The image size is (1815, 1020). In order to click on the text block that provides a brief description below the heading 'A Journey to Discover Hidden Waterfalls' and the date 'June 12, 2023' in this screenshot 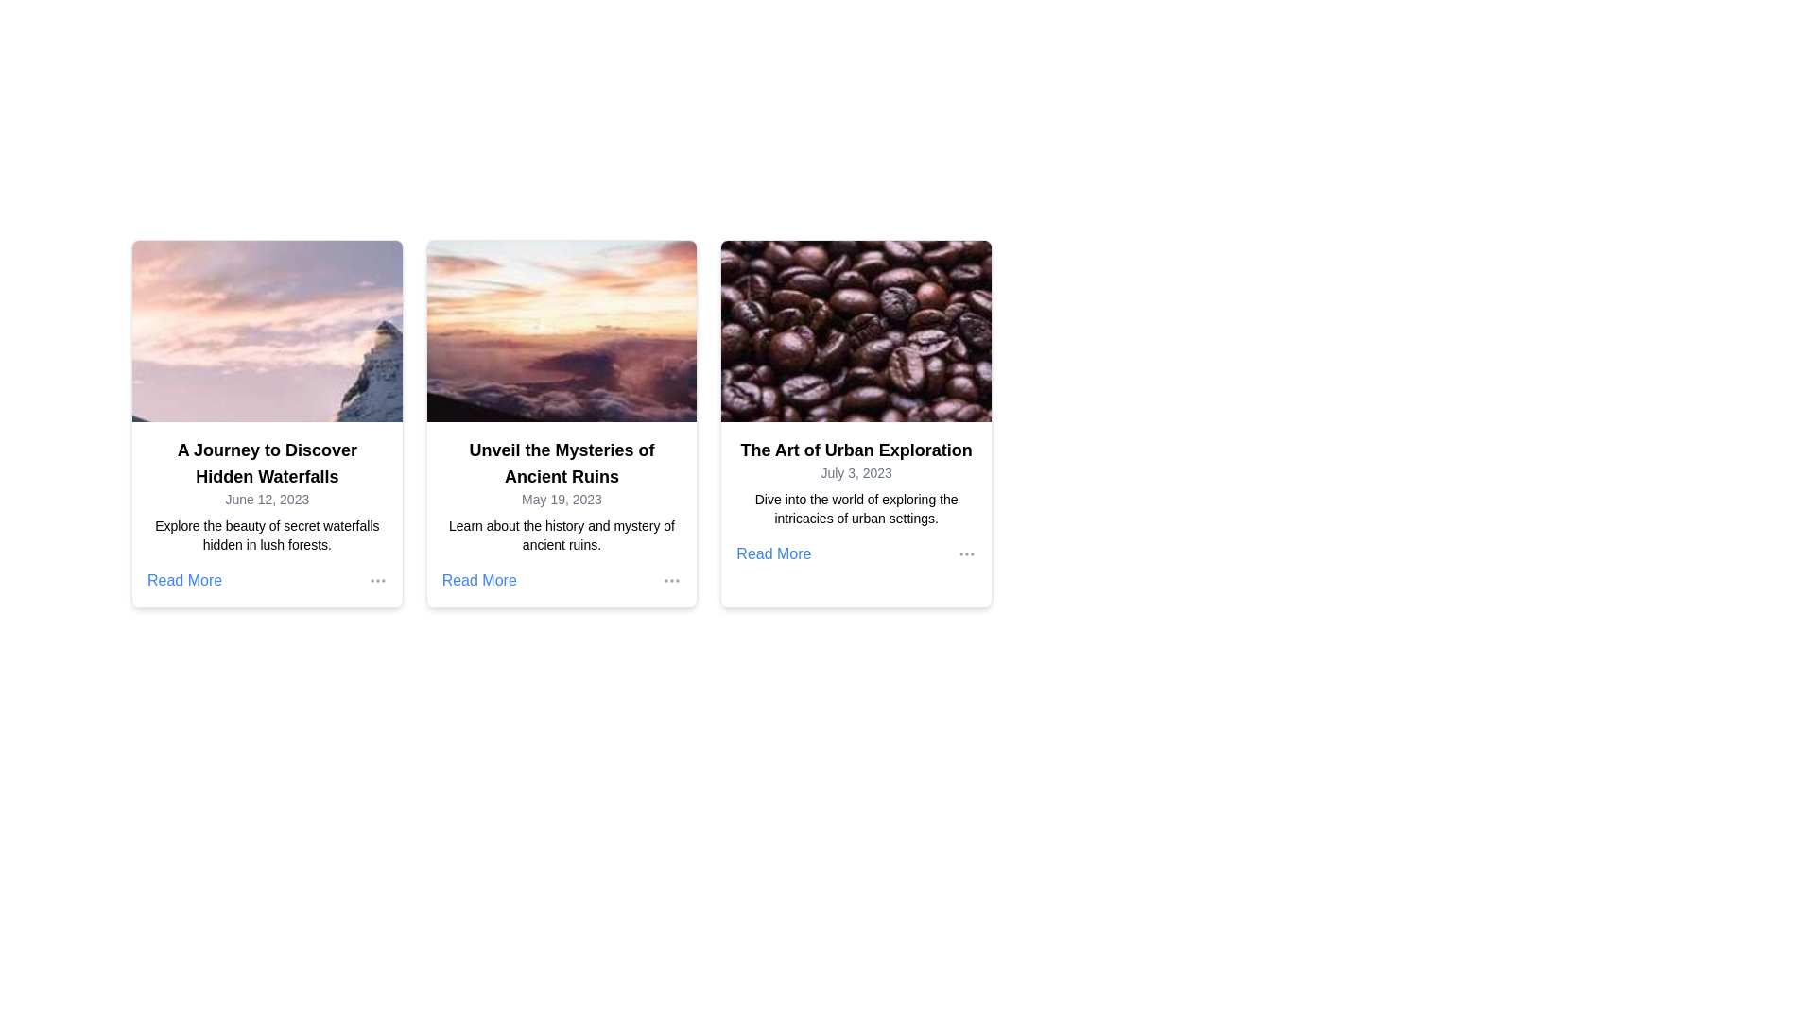, I will do `click(266, 535)`.